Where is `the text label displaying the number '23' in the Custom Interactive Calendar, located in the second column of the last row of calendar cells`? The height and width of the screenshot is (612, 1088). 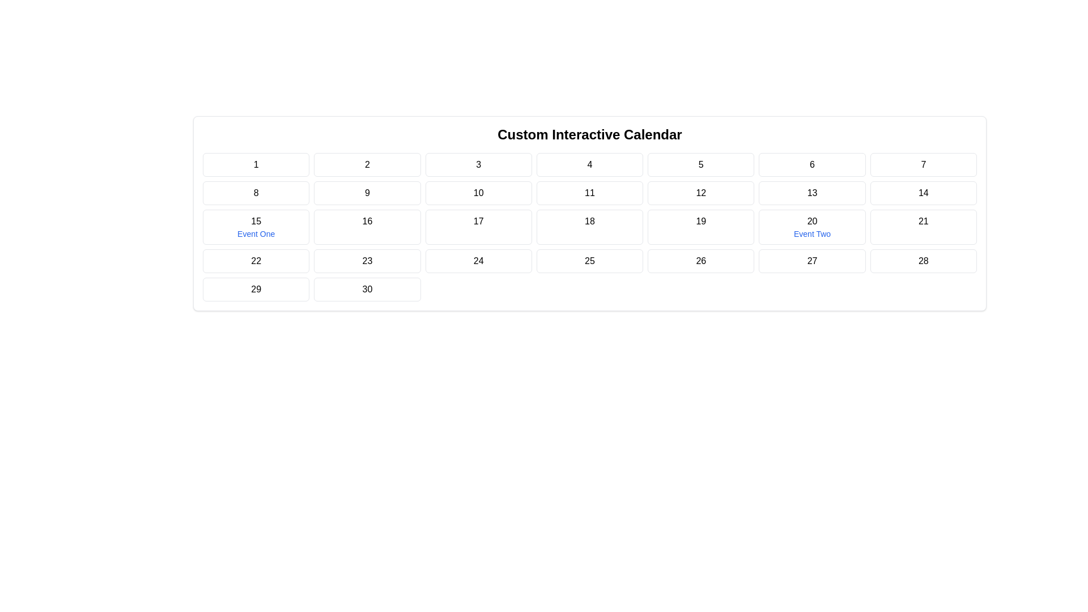 the text label displaying the number '23' in the Custom Interactive Calendar, located in the second column of the last row of calendar cells is located at coordinates (367, 261).